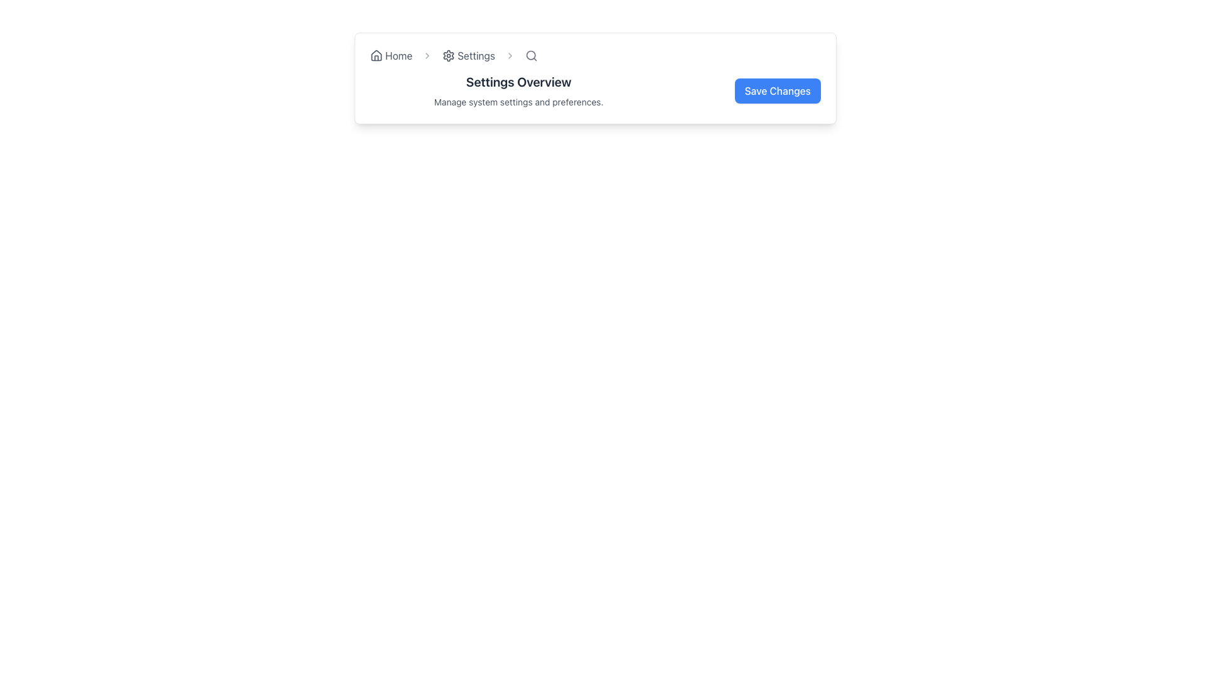 This screenshot has width=1205, height=678. I want to click on the explanatory text label located directly below the title in the 'Settings Overview' section of the interface, so click(518, 101).